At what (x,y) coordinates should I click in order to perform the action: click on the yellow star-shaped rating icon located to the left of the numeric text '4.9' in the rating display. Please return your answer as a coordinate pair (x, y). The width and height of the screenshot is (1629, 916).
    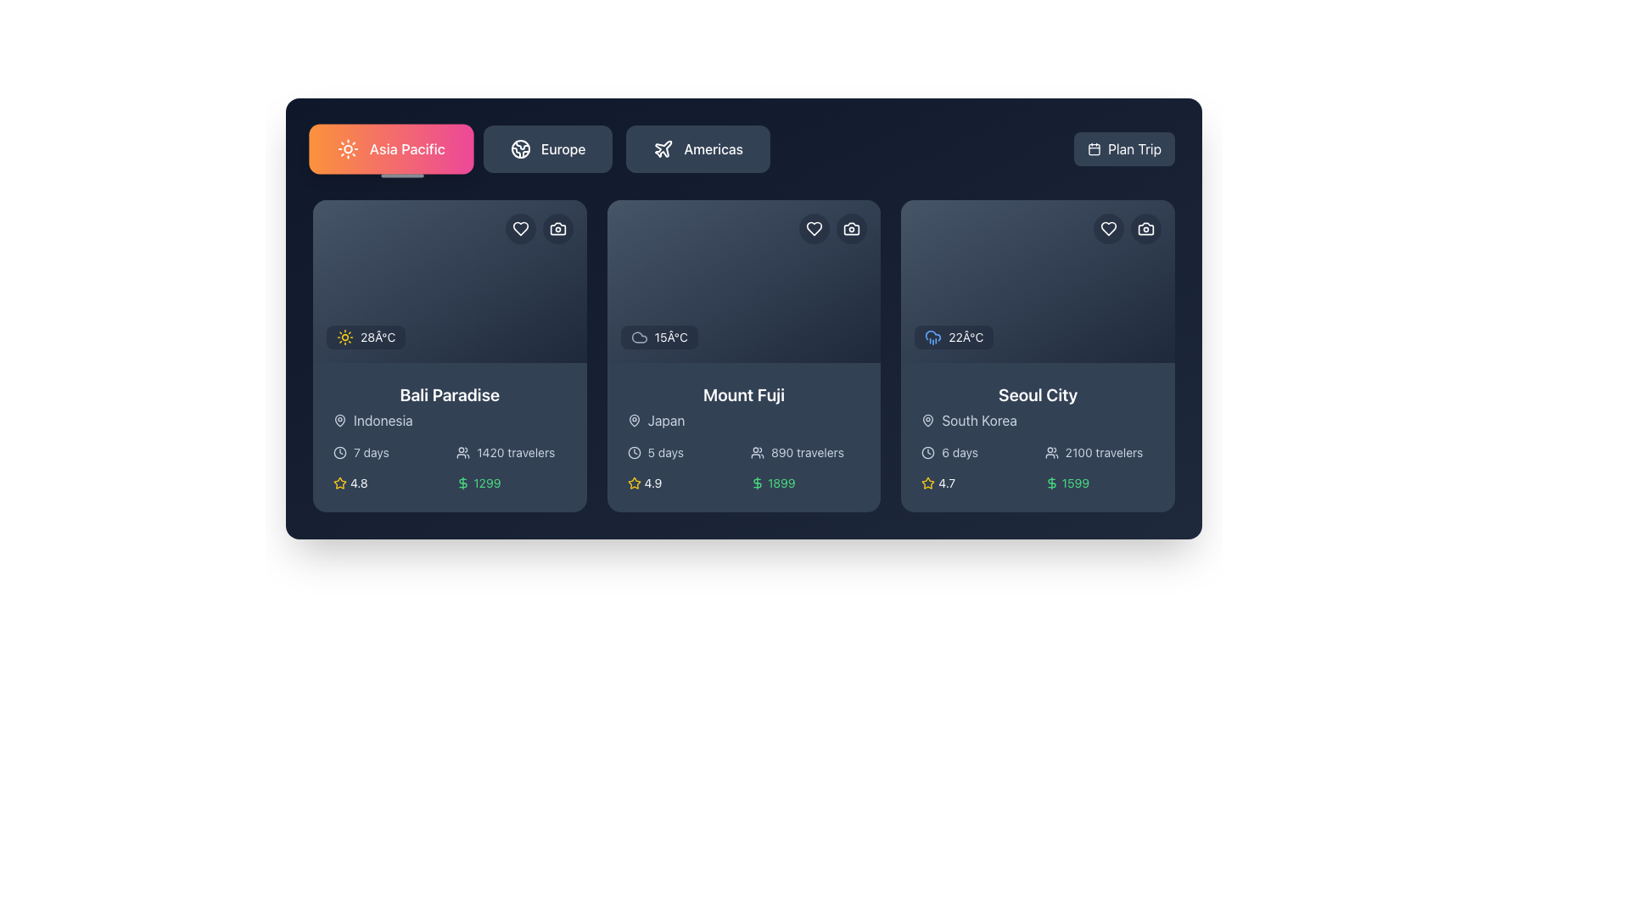
    Looking at the image, I should click on (633, 483).